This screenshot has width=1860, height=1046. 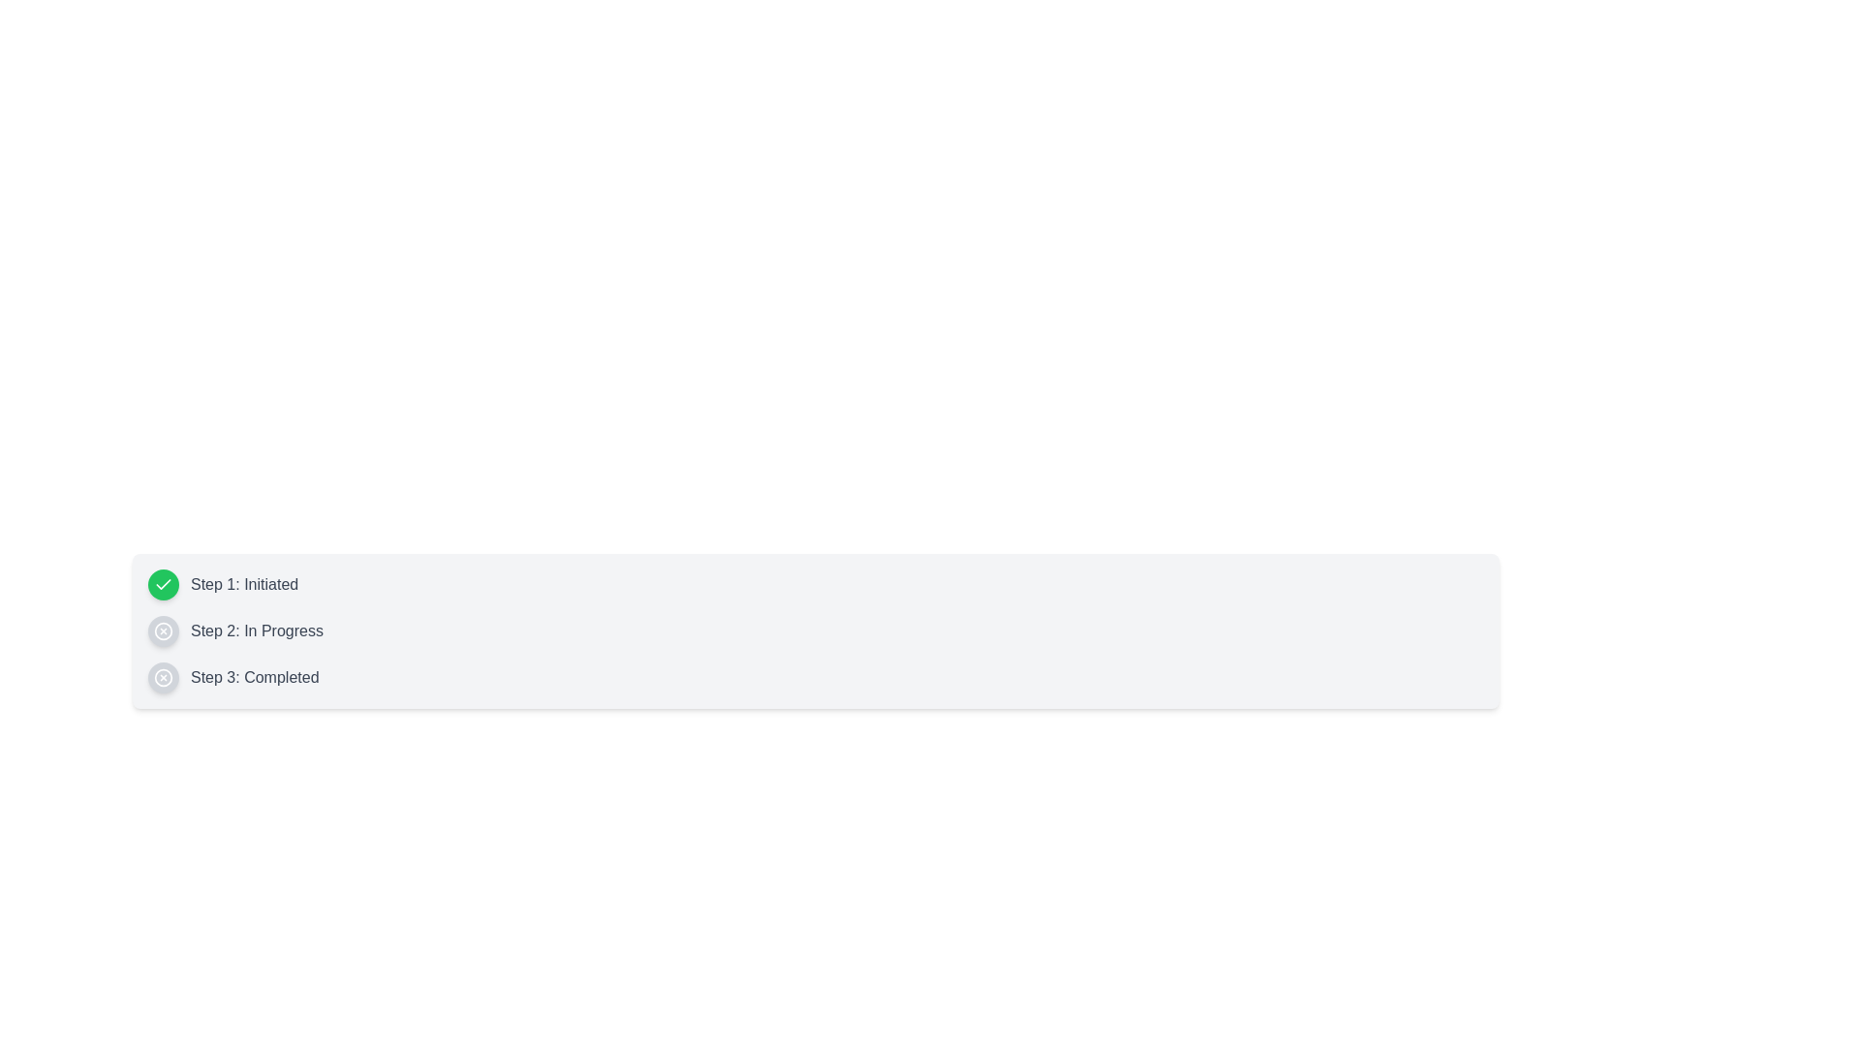 I want to click on the third circular status indicator in the progress tracker, which visually represents the status of the third step, so click(x=163, y=676).